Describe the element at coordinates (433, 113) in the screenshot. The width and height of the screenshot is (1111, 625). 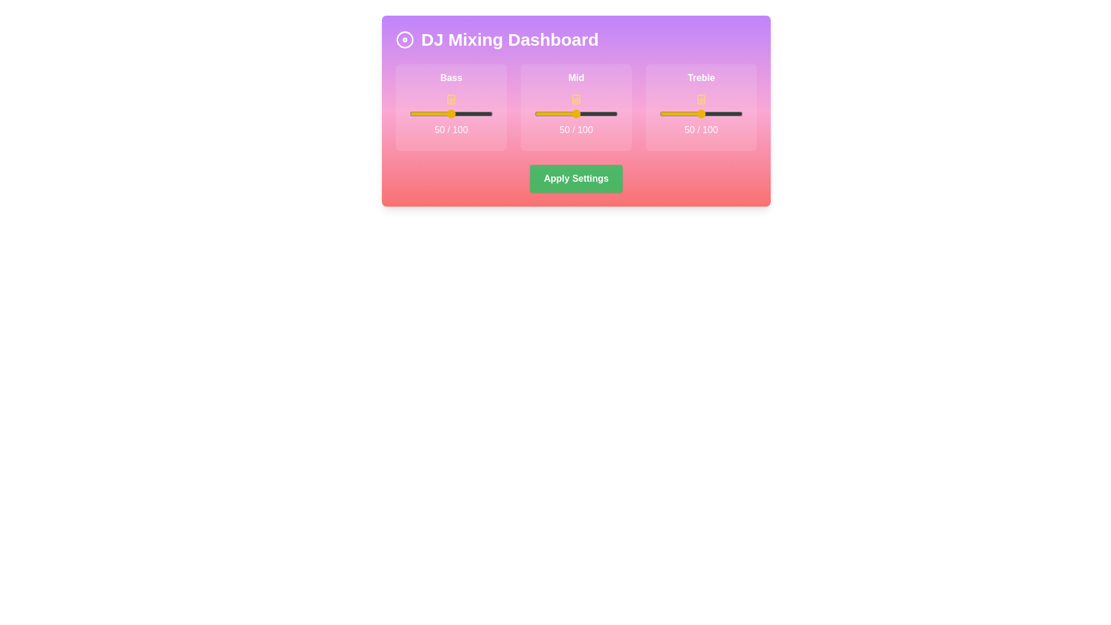
I see `the bass slider to set its value to 29` at that location.